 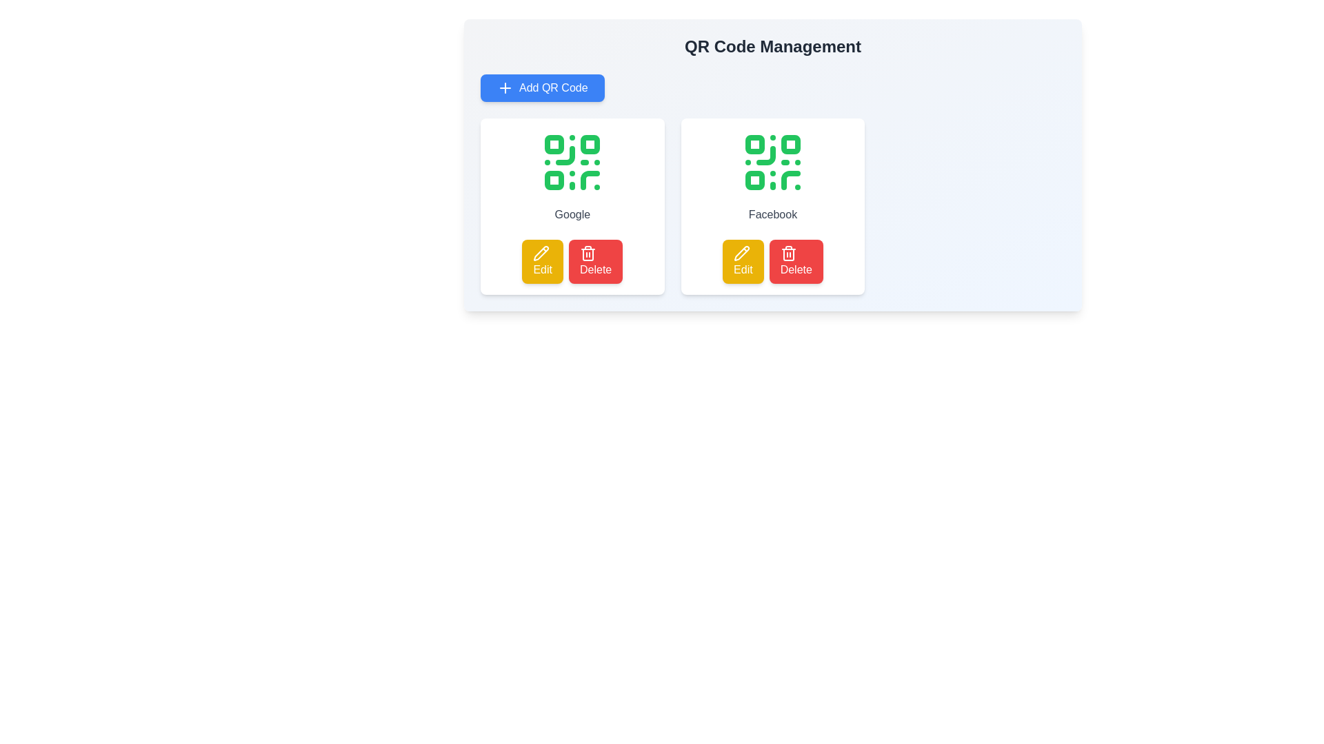 I want to click on the Google QR code Card component located at the top-left corner of the grid layout, which contains action buttons for managing the QR code, so click(x=572, y=207).